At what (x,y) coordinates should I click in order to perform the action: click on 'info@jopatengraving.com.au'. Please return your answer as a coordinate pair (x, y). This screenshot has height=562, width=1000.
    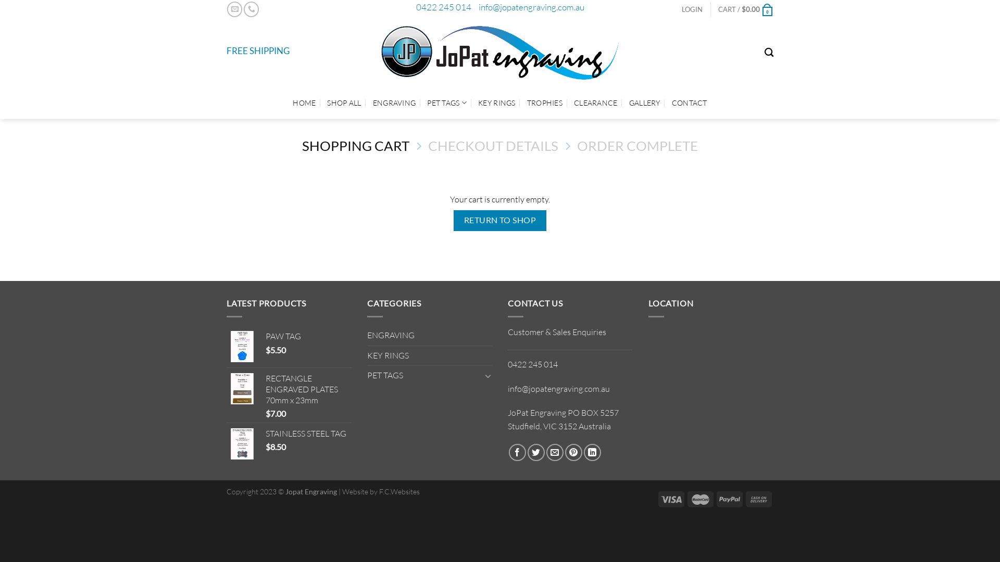
    Looking at the image, I should click on (531, 7).